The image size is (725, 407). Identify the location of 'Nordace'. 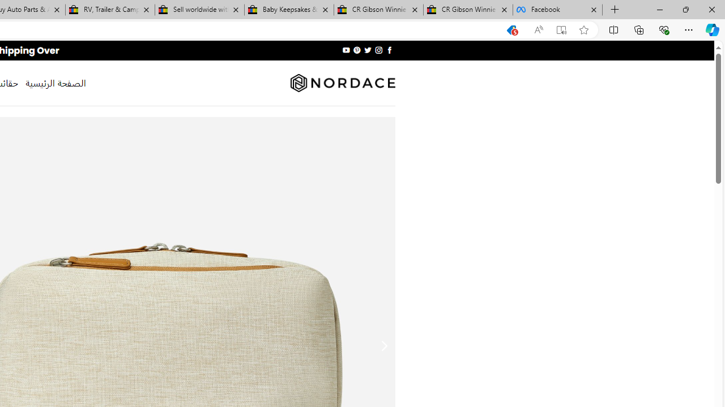
(342, 83).